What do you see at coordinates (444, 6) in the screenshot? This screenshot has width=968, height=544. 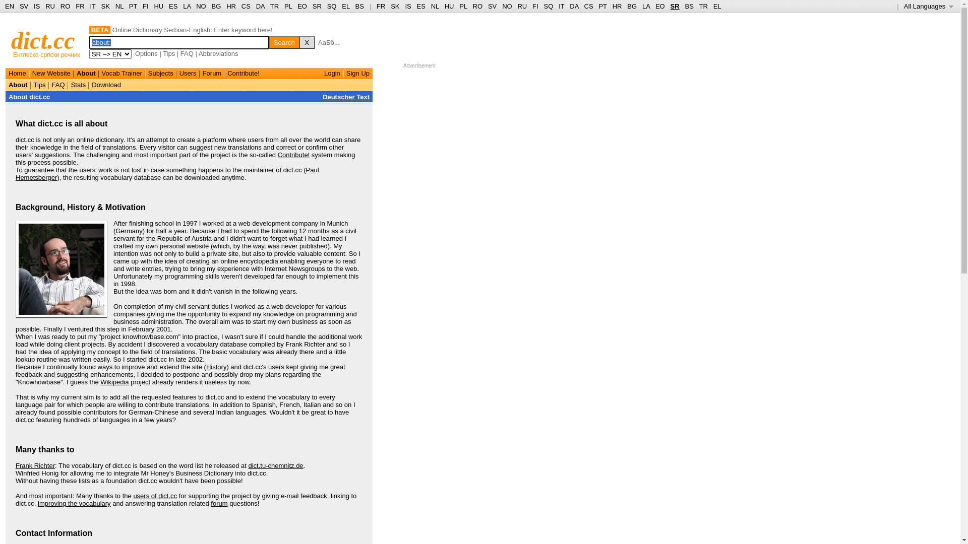 I see `'HU'` at bounding box center [444, 6].